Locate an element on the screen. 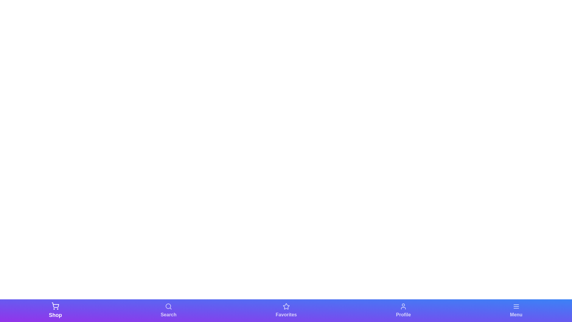 This screenshot has width=572, height=322. the navigation bar element labeled Profile is located at coordinates (403, 310).